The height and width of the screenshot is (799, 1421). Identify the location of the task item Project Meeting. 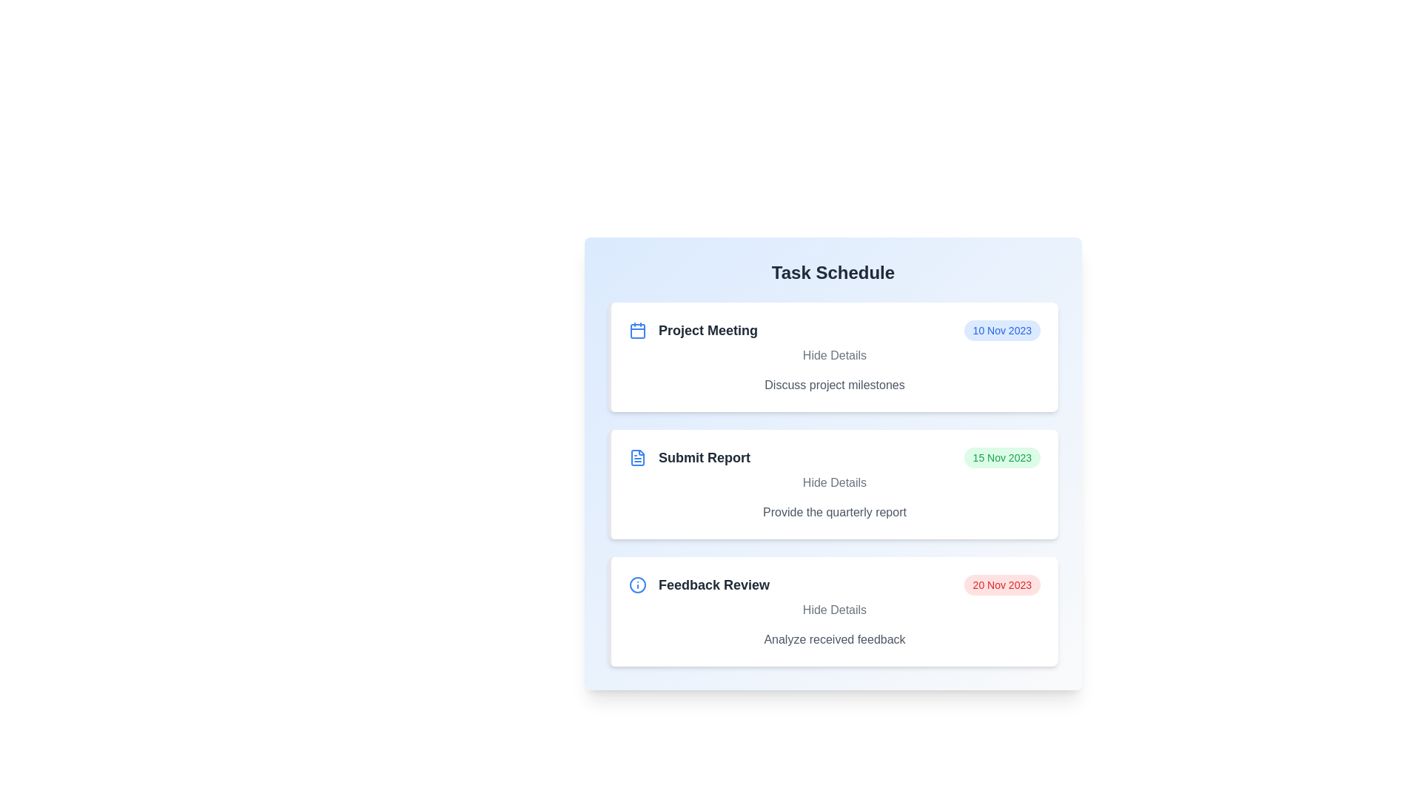
(833, 357).